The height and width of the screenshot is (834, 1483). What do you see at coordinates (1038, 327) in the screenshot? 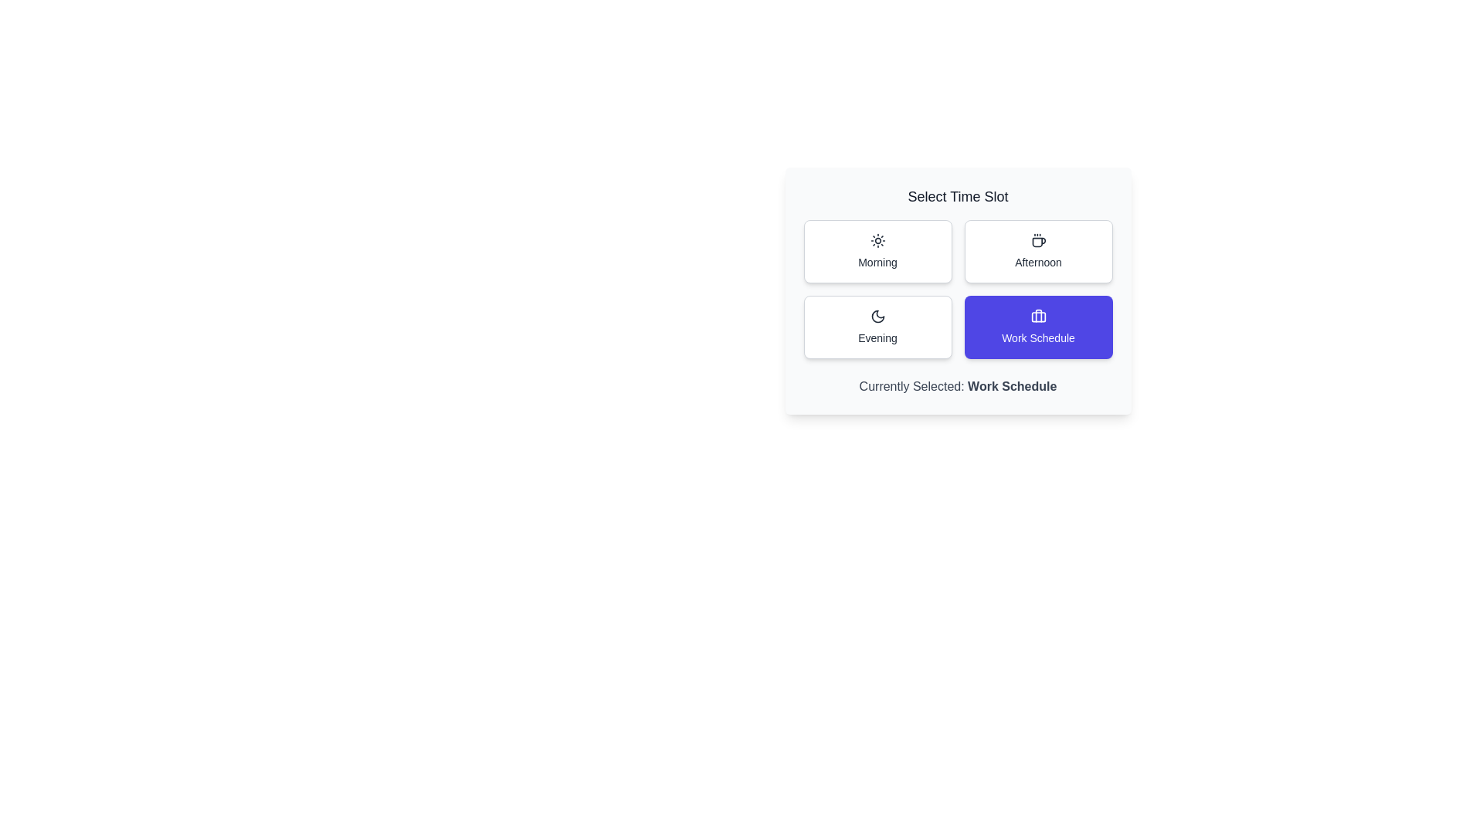
I see `the button labeled Work Schedule to observe its hover effect` at bounding box center [1038, 327].